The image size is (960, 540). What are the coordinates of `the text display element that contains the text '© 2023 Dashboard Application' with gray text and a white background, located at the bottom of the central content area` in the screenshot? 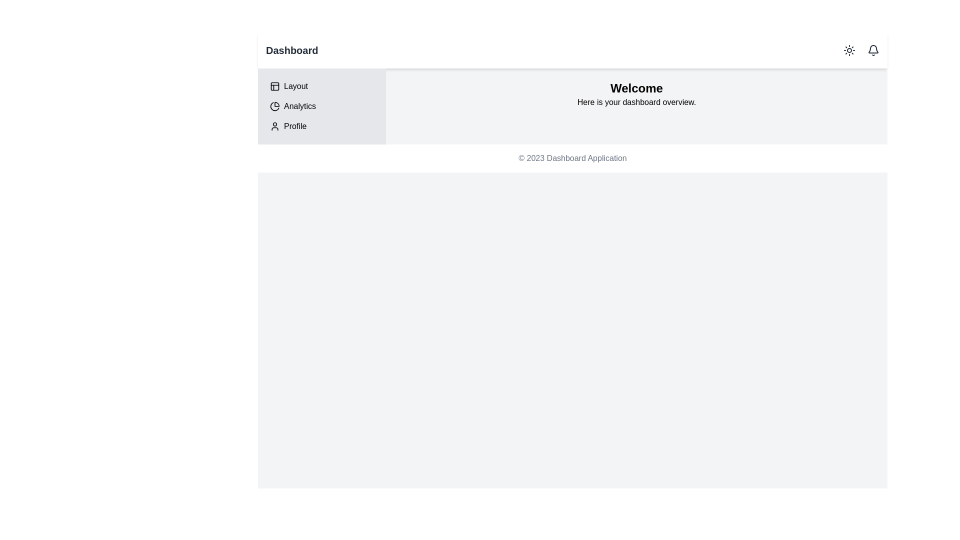 It's located at (572, 157).